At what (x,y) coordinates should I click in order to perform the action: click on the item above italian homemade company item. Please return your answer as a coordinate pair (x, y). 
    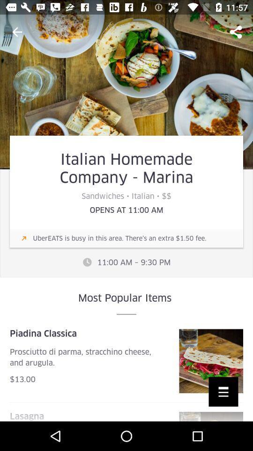
    Looking at the image, I should click on (17, 32).